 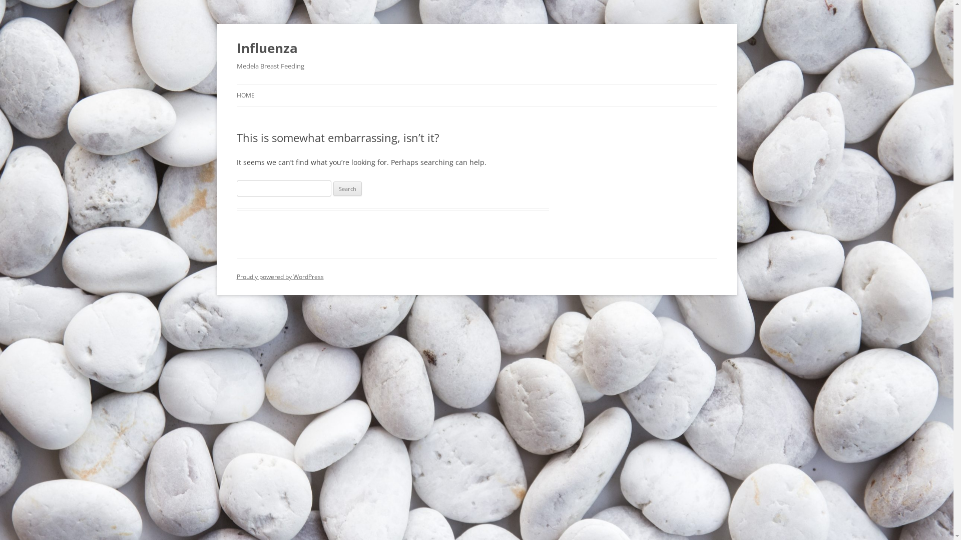 What do you see at coordinates (476, 83) in the screenshot?
I see `'Skip to content'` at bounding box center [476, 83].